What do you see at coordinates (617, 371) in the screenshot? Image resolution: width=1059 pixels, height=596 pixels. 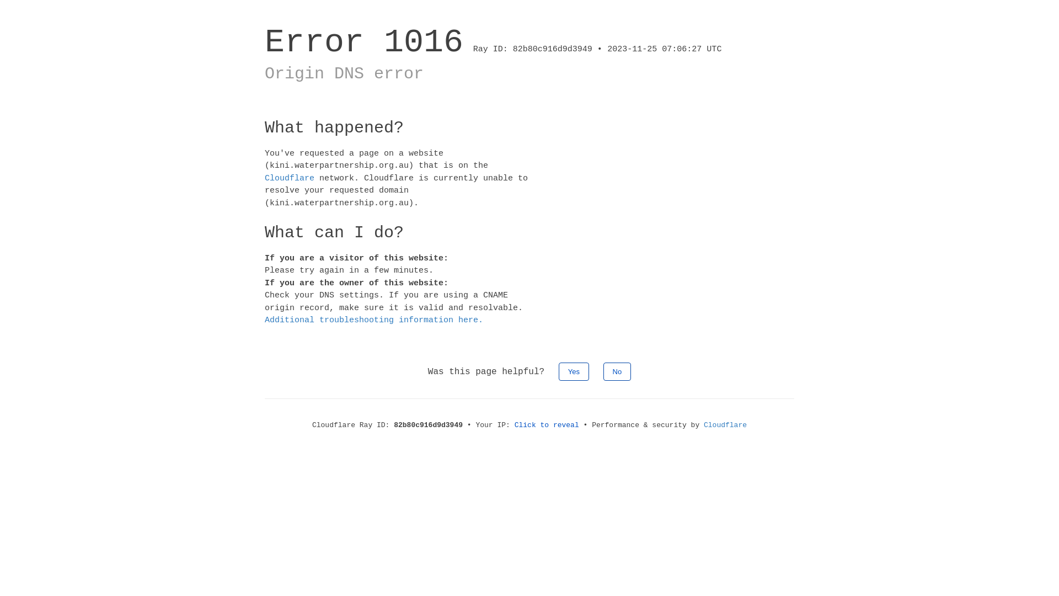 I see `'No'` at bounding box center [617, 371].